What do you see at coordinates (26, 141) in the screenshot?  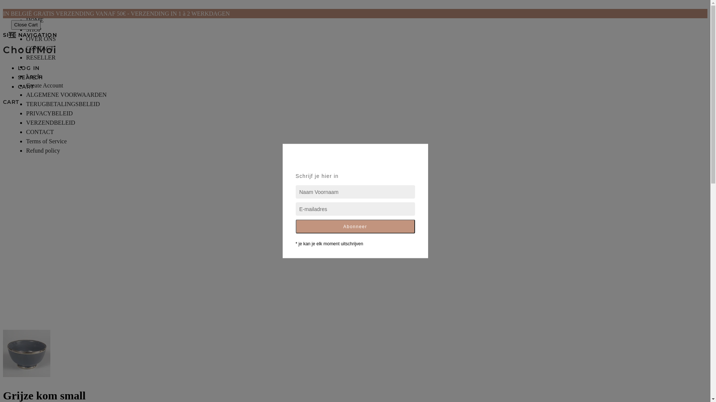 I see `'Terms of Service'` at bounding box center [26, 141].